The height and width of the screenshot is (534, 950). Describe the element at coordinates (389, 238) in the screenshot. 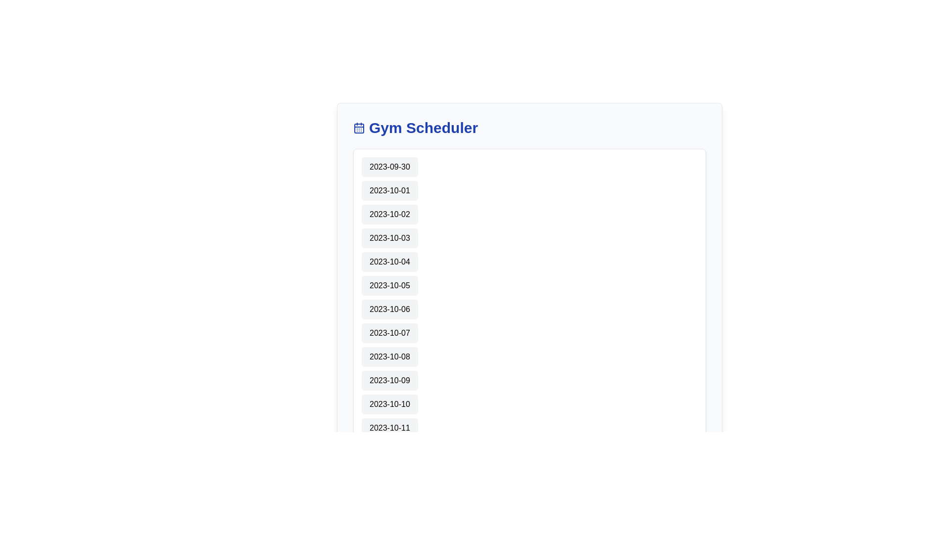

I see `the selectable date option located in the 'Gym Scheduler' section, which is the fourth item in a vertical list between '2023-10-02' and '2023-10-04'` at that location.